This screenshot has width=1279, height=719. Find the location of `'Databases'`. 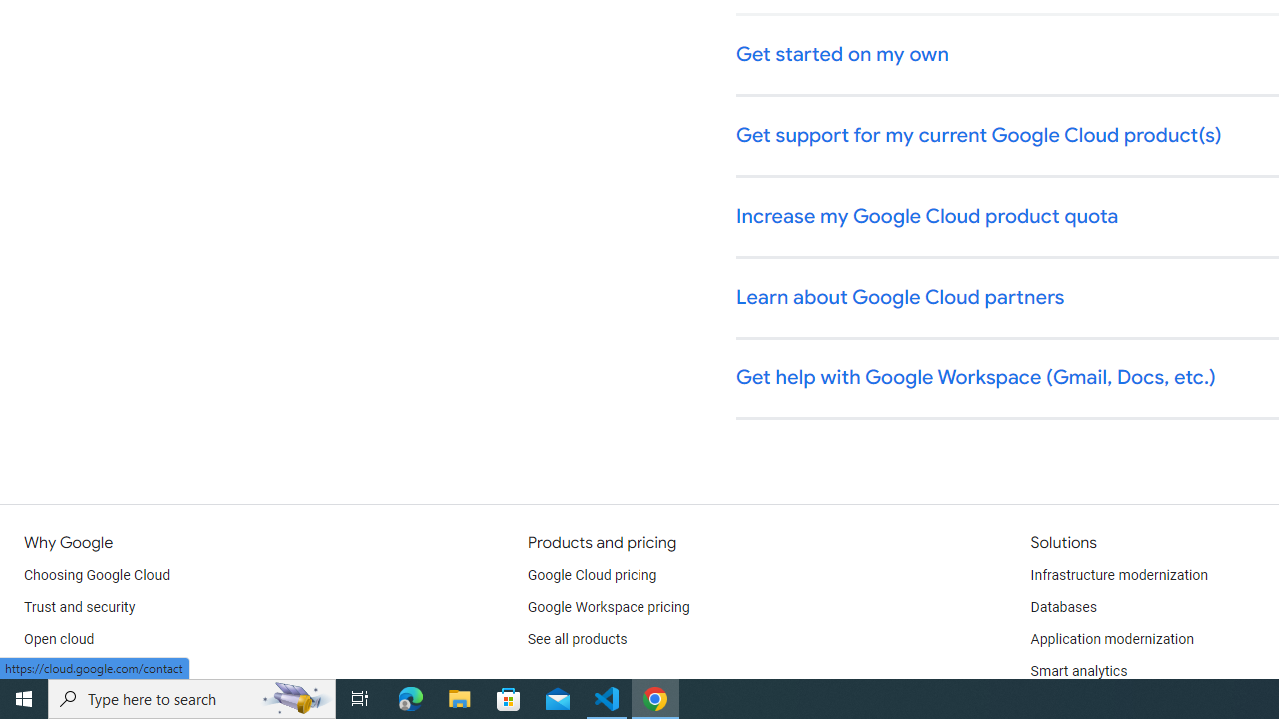

'Databases' is located at coordinates (1062, 607).